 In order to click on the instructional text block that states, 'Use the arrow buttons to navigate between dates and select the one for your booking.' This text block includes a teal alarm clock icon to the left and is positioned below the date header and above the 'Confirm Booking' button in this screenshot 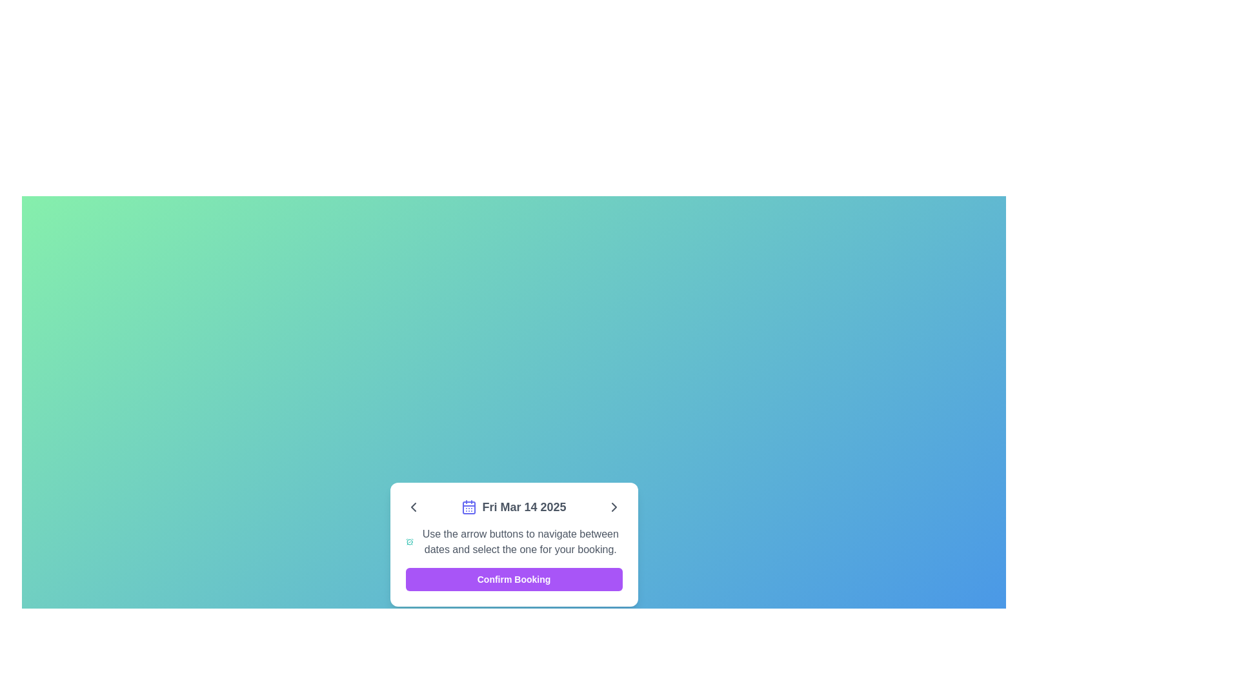, I will do `click(513, 542)`.